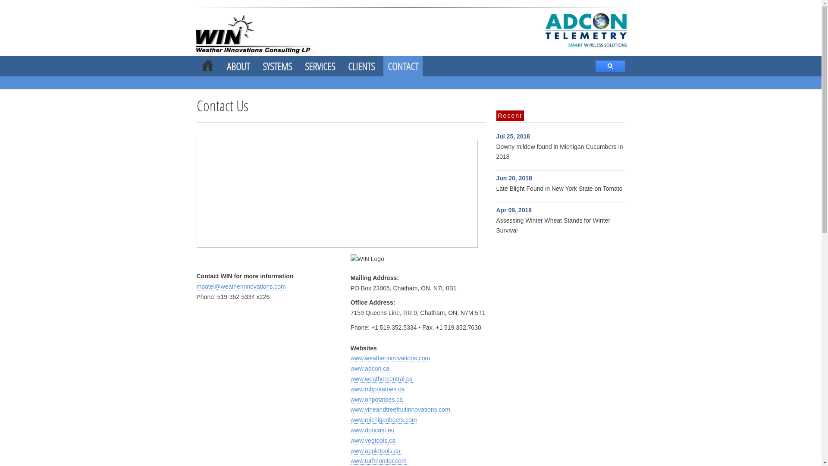 The height and width of the screenshot is (466, 828). What do you see at coordinates (370, 368) in the screenshot?
I see `'www.adcon.ca'` at bounding box center [370, 368].